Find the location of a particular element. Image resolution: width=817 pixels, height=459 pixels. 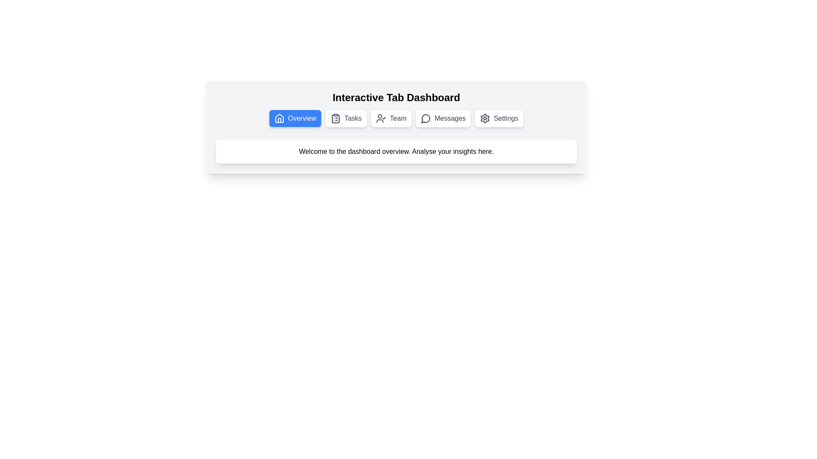

the 'Settings' button, which is the last item in the horizontal list of tabs at the top center of the interface, to trigger the hover styling is located at coordinates (499, 118).